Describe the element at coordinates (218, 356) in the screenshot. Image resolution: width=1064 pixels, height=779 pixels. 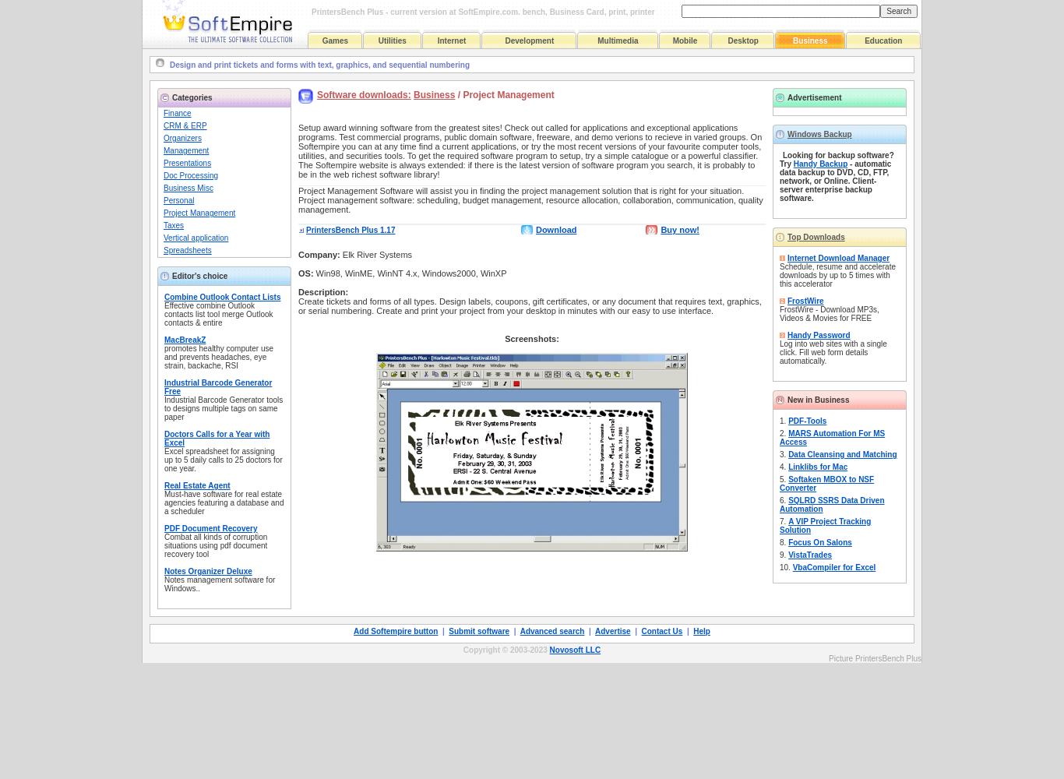
I see `'promotes healthy computer use and prevents headaches,  eye strain,  backache,  RSI'` at that location.